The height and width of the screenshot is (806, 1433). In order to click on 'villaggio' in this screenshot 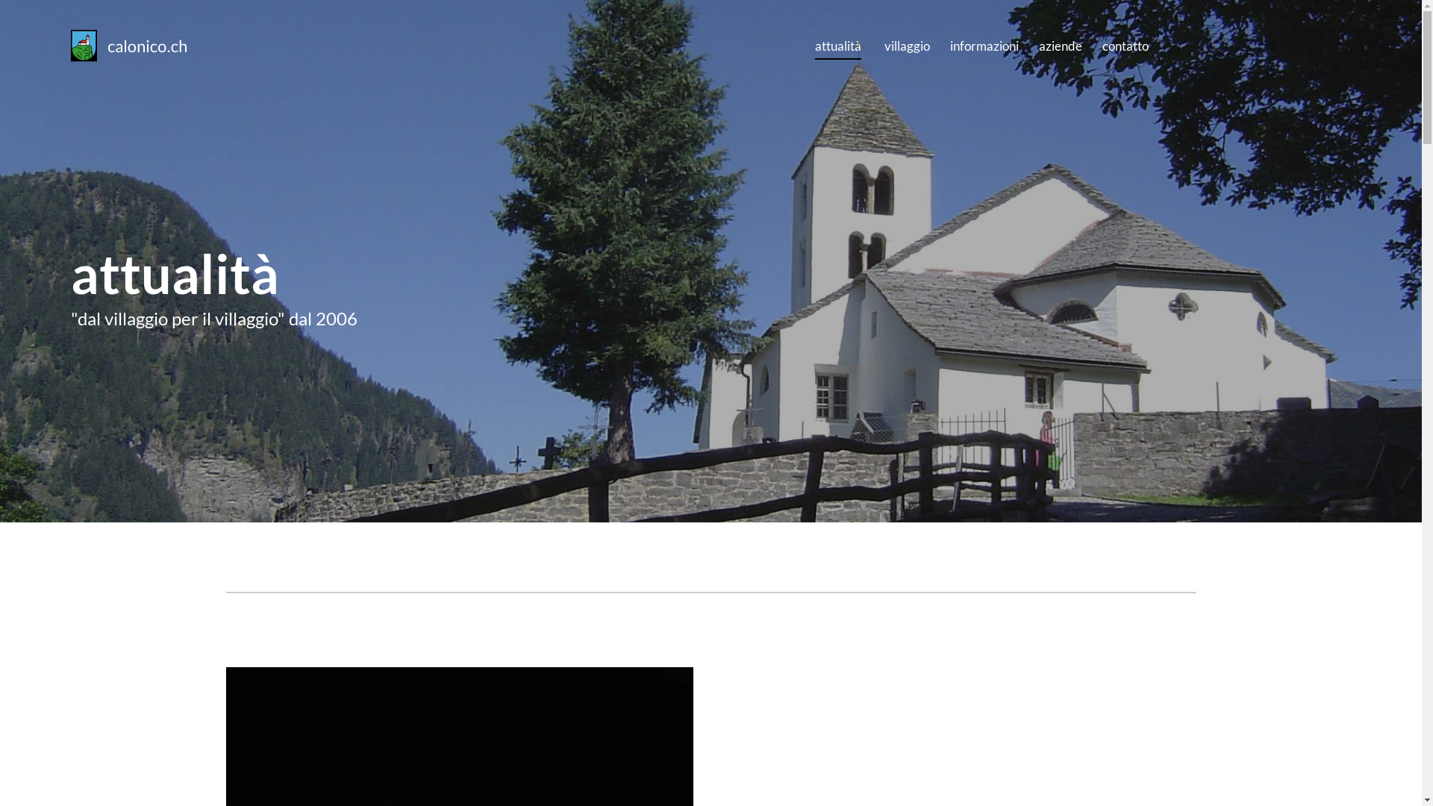, I will do `click(906, 44)`.